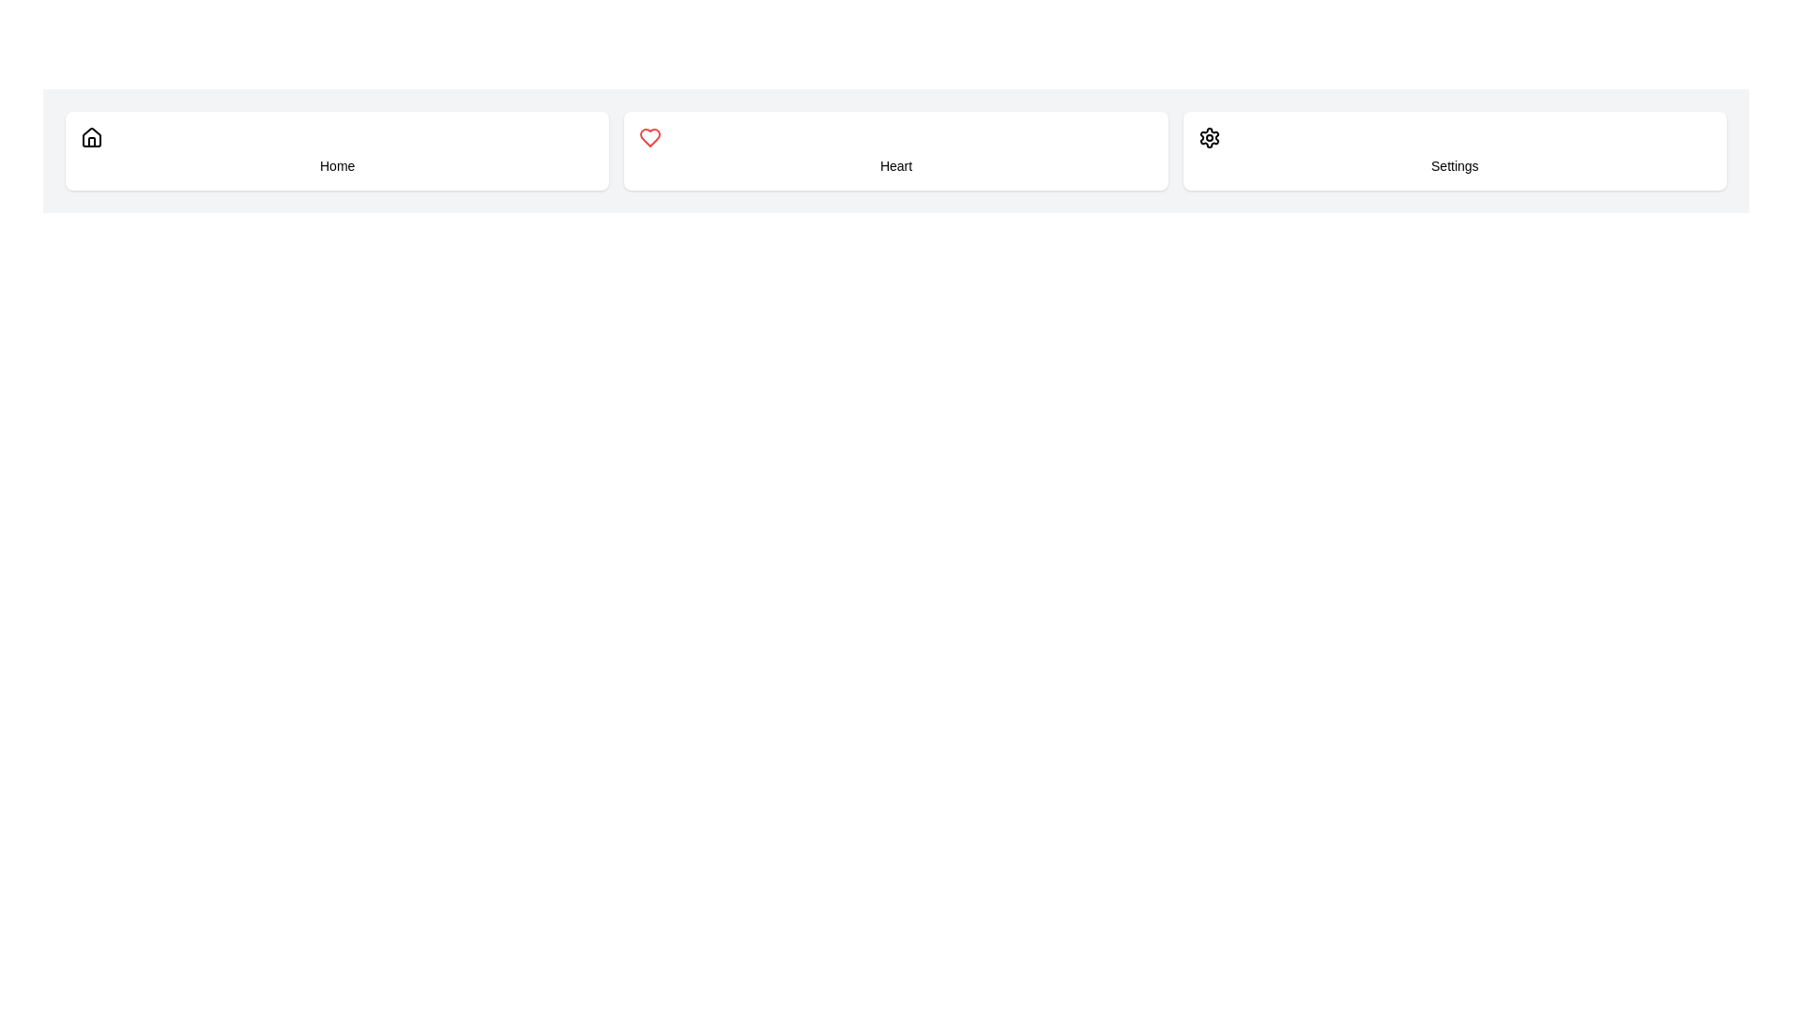  I want to click on the 'Heart' or 'Favorite' icon located in the second segment of the horizontally arranged menu bar, positioned between 'Home' and 'Settings', to interact with it, so click(650, 136).